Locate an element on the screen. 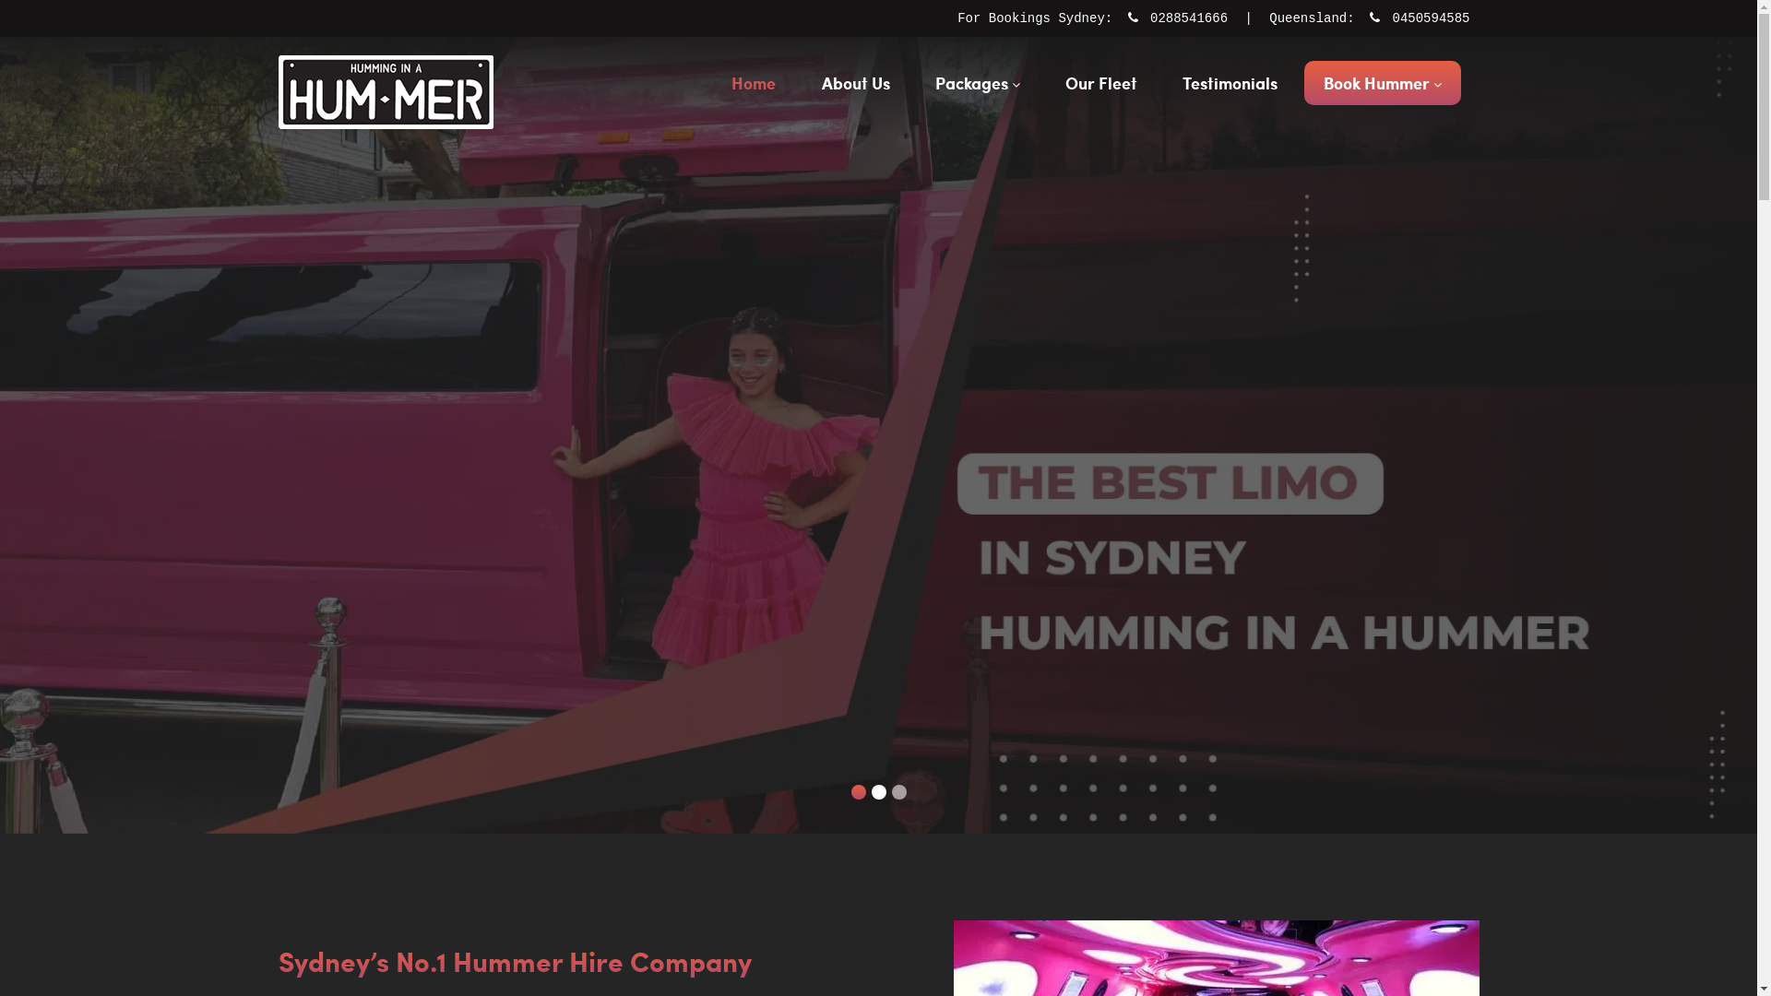  'Packages' is located at coordinates (977, 81).